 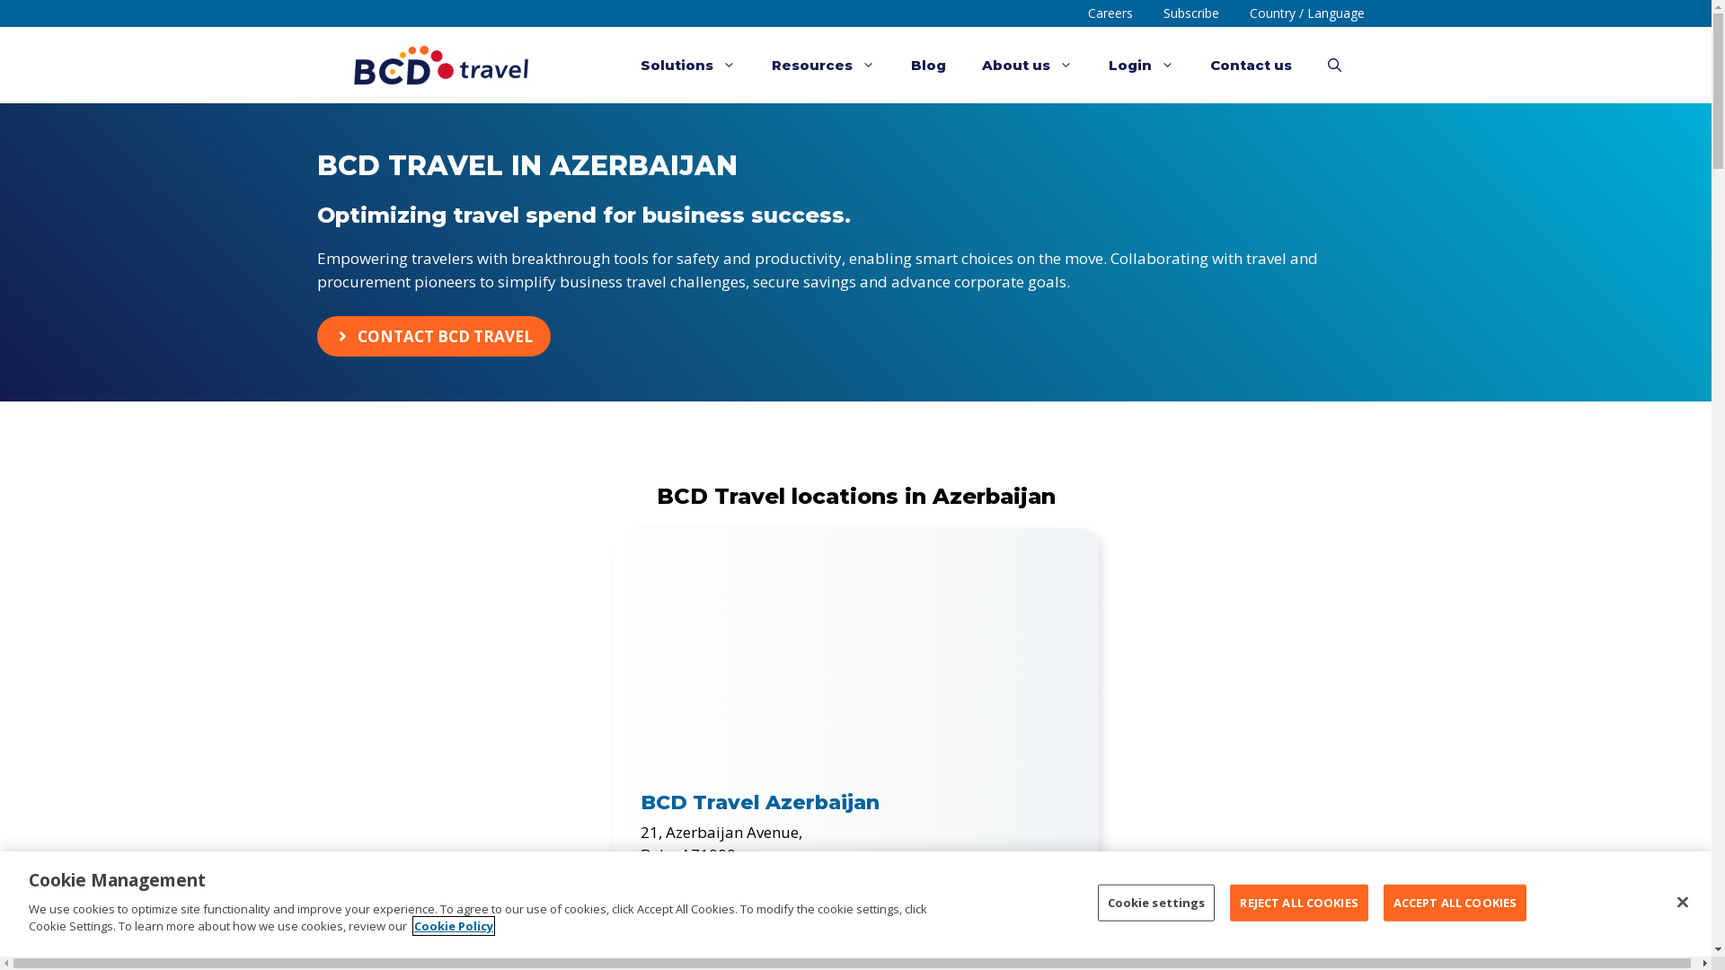 What do you see at coordinates (1026, 64) in the screenshot?
I see `'About us'` at bounding box center [1026, 64].